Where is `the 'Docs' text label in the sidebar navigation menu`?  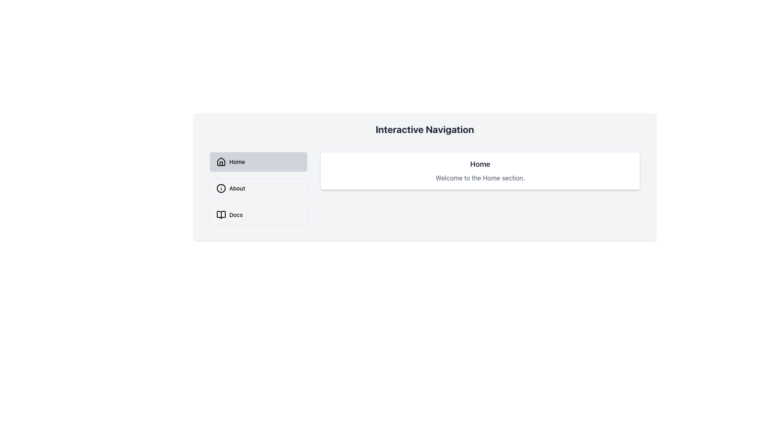
the 'Docs' text label in the sidebar navigation menu is located at coordinates (235, 215).